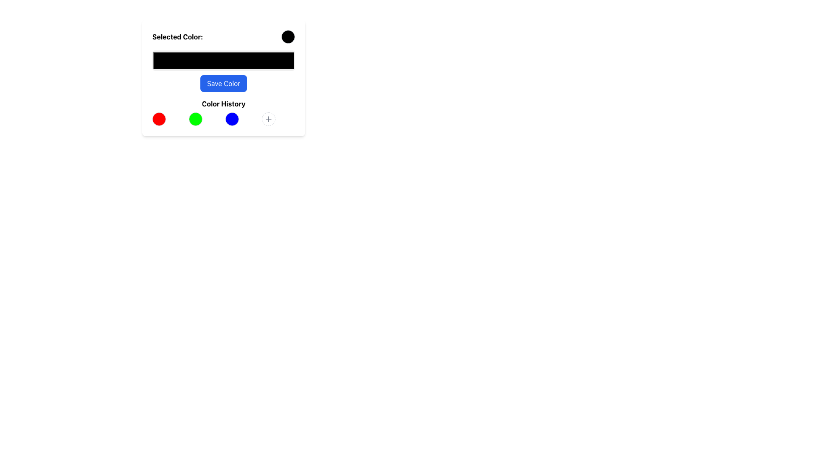 The image size is (815, 458). What do you see at coordinates (224, 83) in the screenshot?
I see `the 'Save Color' button located below the color display area` at bounding box center [224, 83].